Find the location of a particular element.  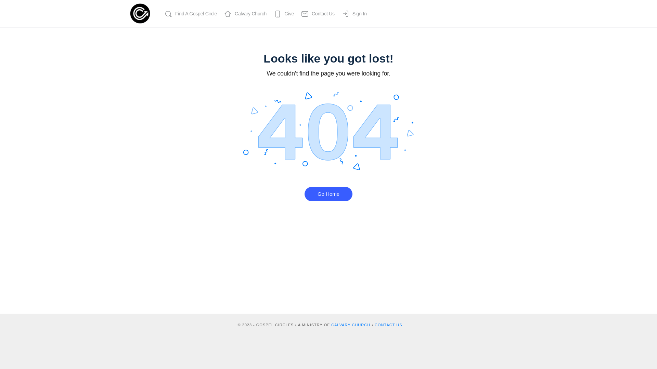

'Contact Us' is located at coordinates (317, 13).